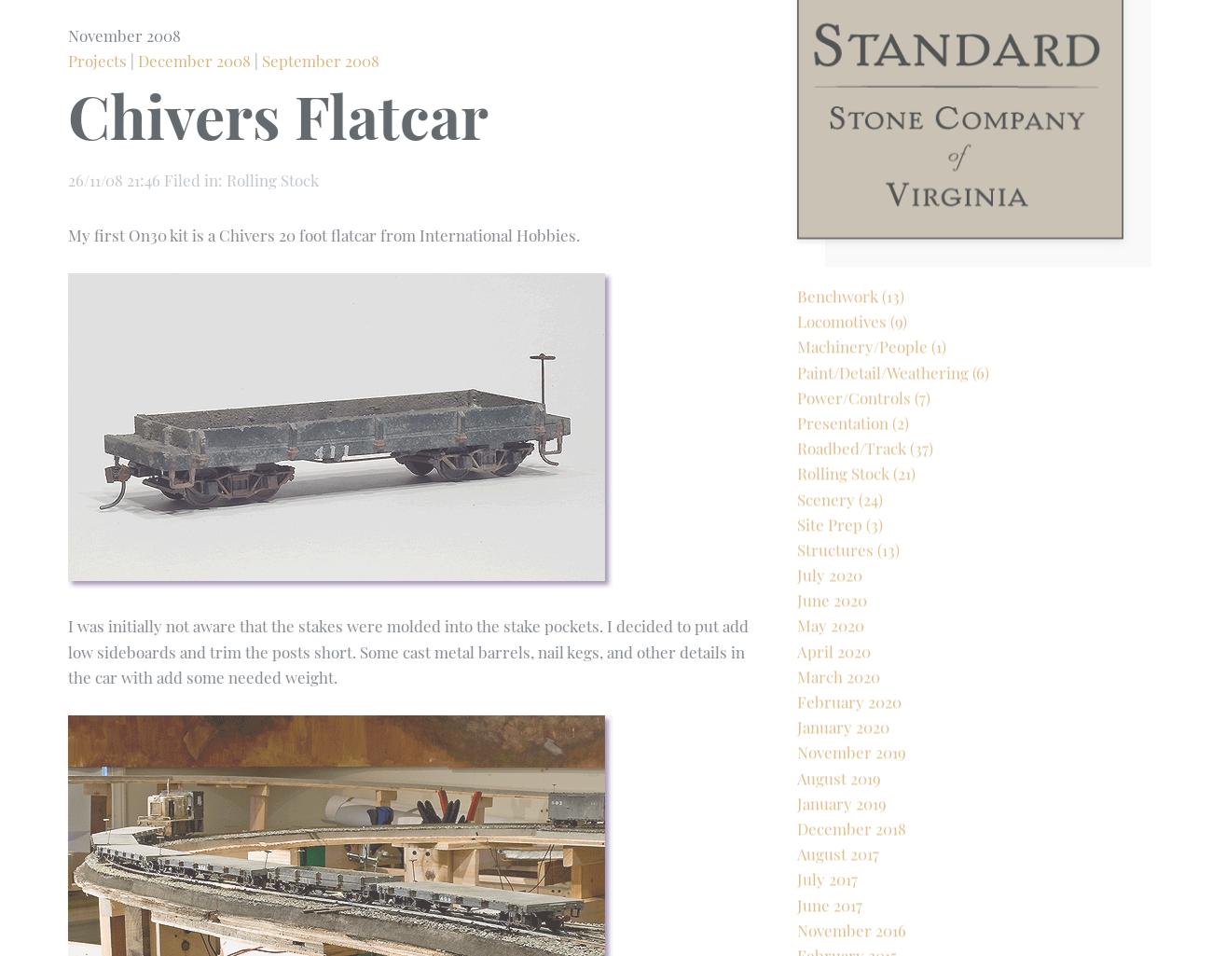 The image size is (1212, 956). I want to click on 'December 2018', so click(797, 892).